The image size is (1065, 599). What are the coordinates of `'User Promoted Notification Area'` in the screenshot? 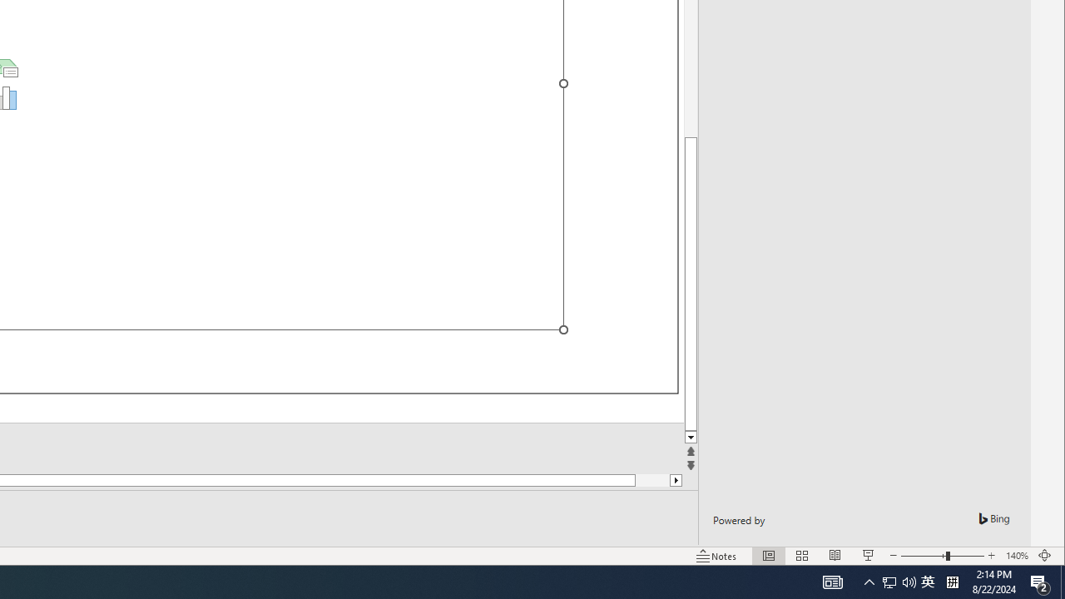 It's located at (898, 581).